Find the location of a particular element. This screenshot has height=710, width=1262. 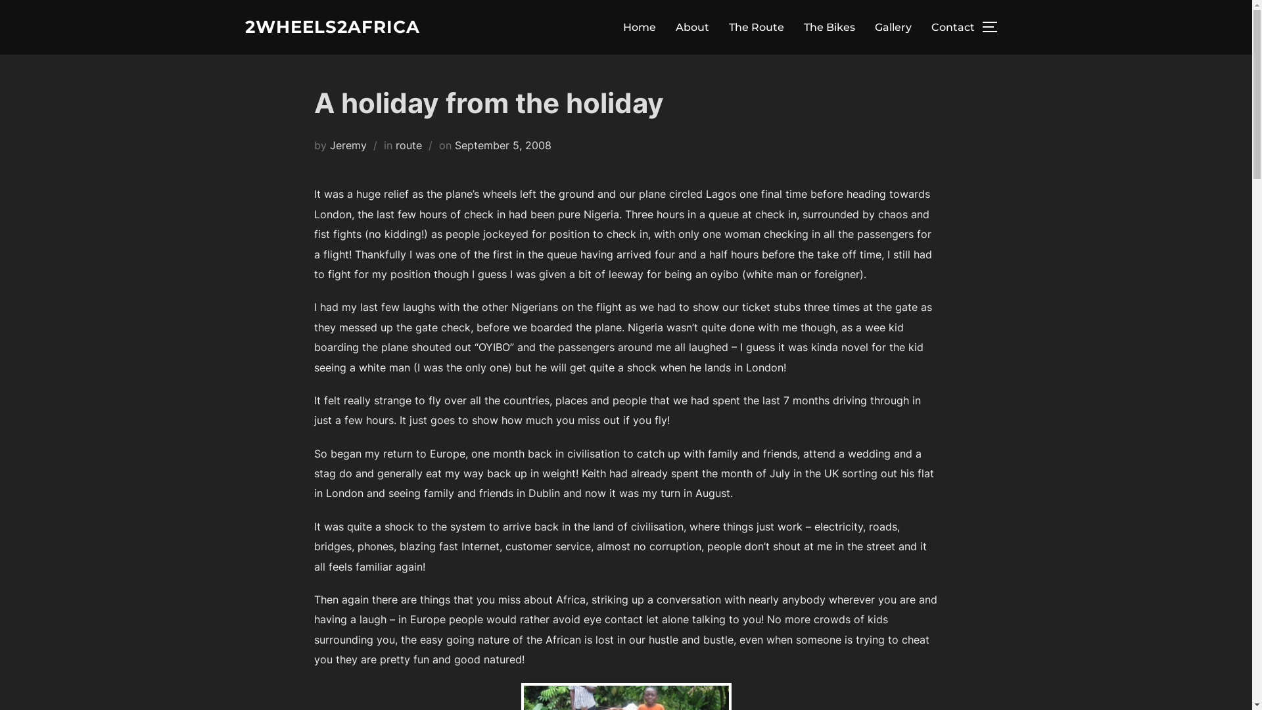

'Home' is located at coordinates (640, 27).